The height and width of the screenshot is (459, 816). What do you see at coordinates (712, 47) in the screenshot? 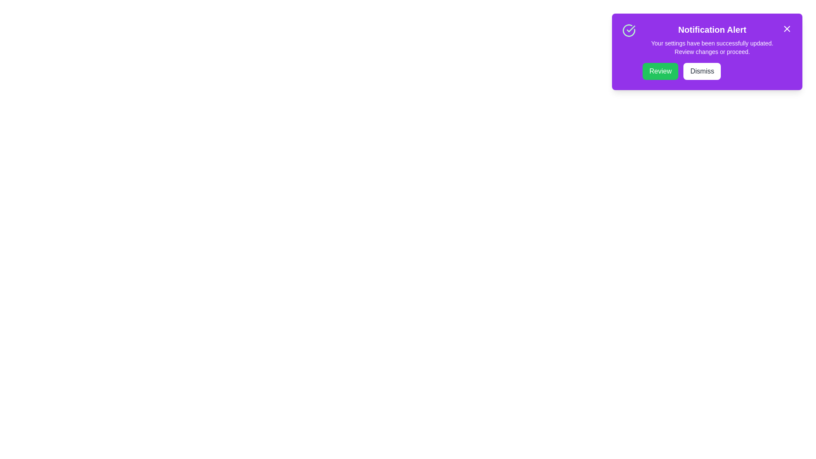
I see `message content of the text block that informs the user about the successful update of settings, located below the 'Notification Alert' title and above the 'Review' and 'Dismiss' buttons` at bounding box center [712, 47].